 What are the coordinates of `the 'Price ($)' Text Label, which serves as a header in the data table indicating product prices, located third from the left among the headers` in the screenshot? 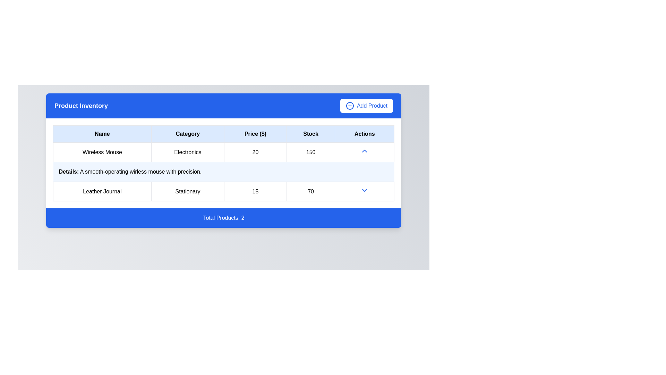 It's located at (255, 134).